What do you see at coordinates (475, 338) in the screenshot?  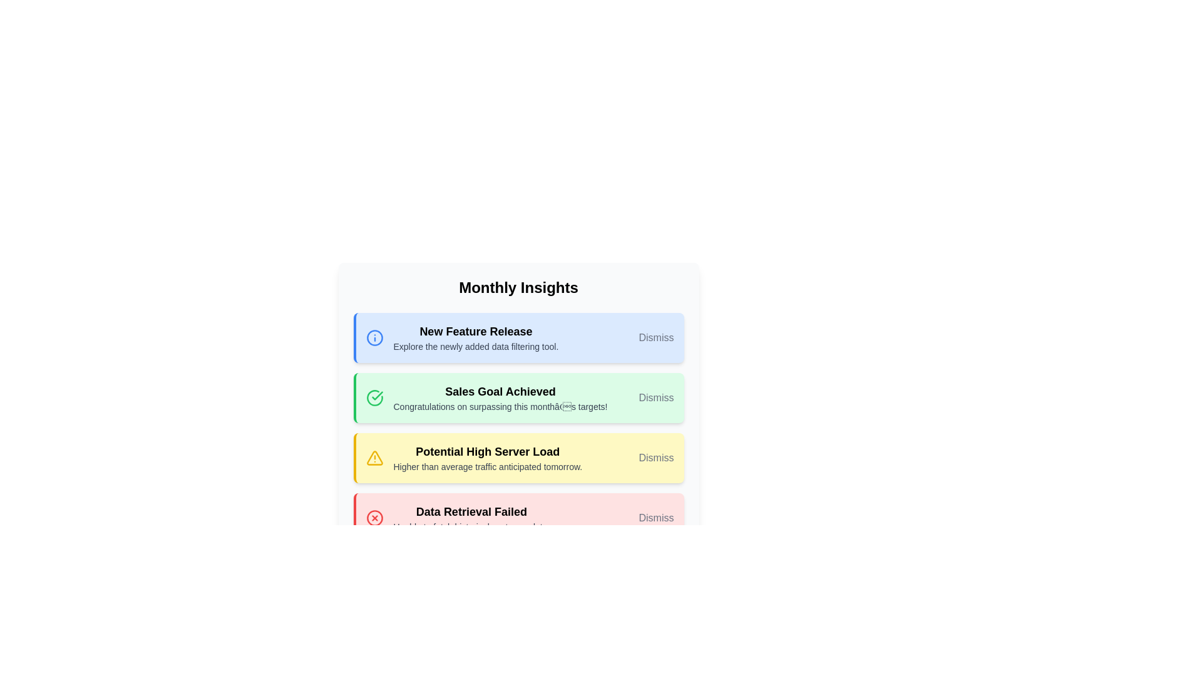 I see `the text block within the notification card that informs about a newly introduced feature, to access surrounding elements for further actions` at bounding box center [475, 338].